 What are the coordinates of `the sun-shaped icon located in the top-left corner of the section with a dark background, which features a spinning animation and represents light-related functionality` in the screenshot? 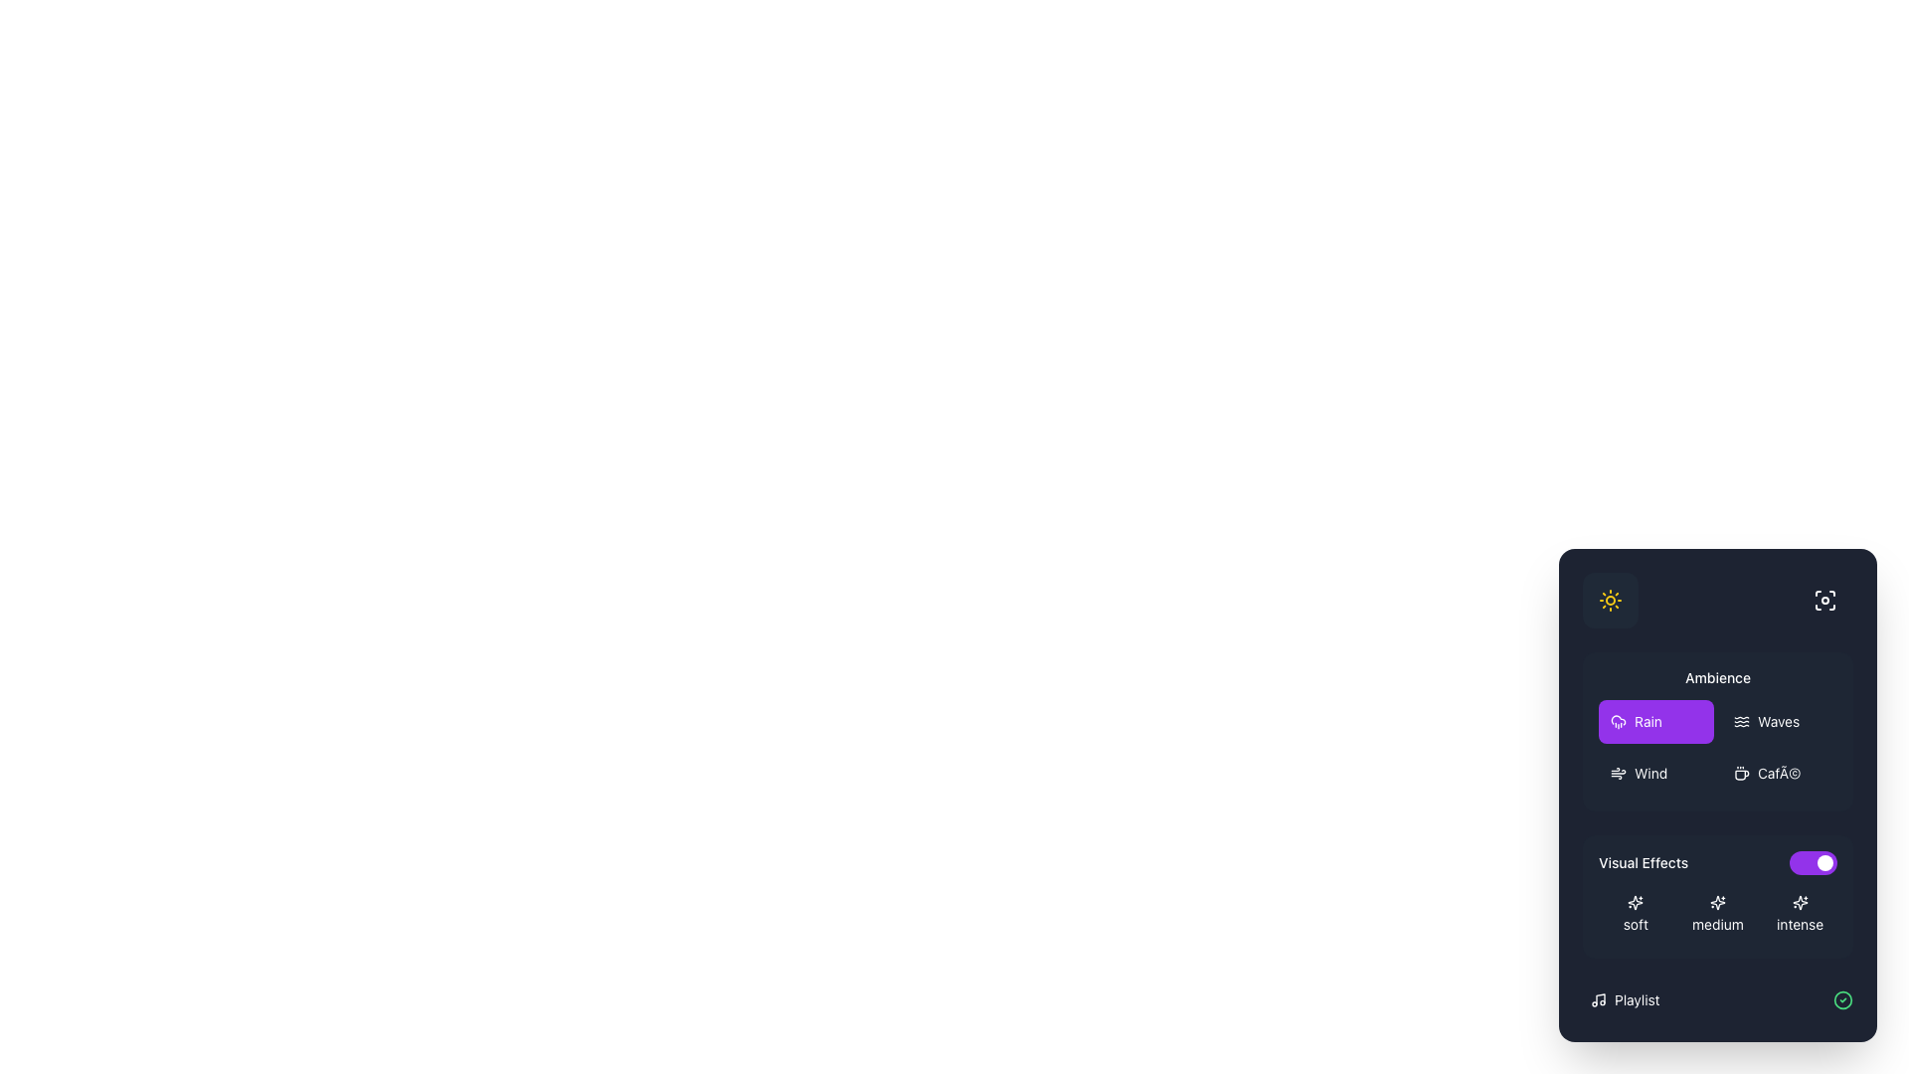 It's located at (1611, 600).